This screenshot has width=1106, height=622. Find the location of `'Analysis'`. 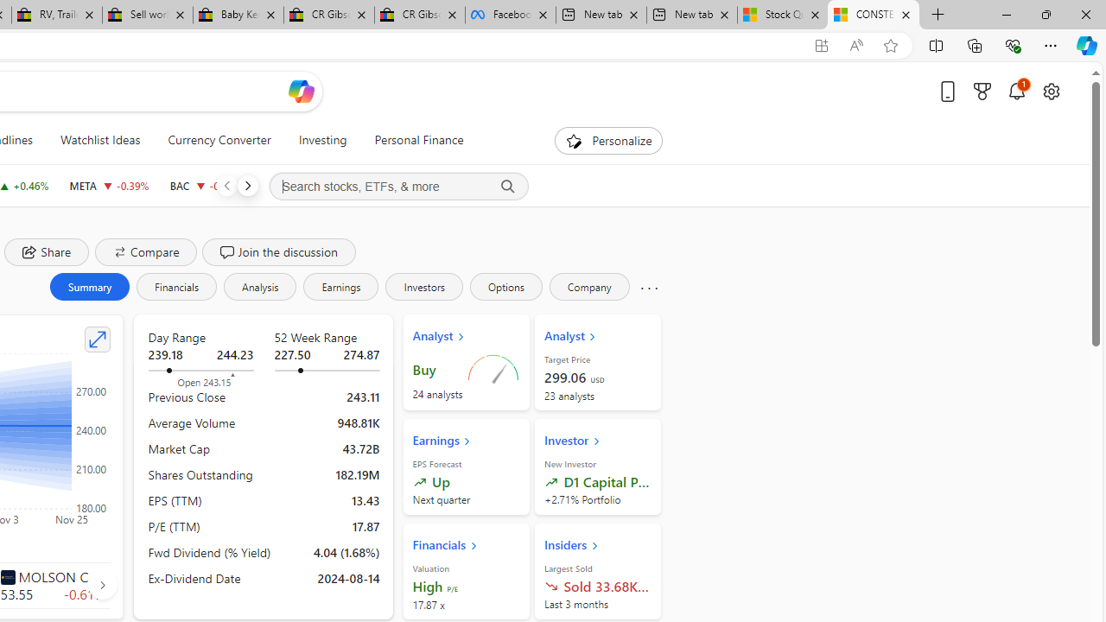

'Analysis' is located at coordinates (259, 285).